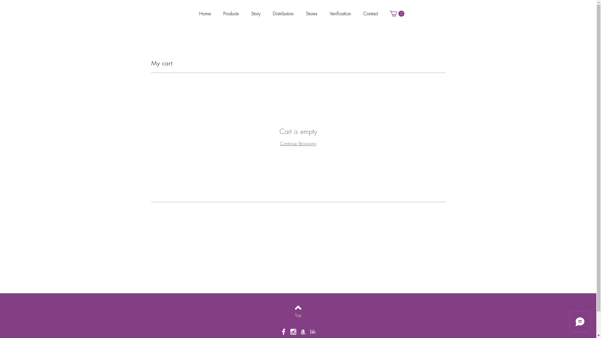 The height and width of the screenshot is (338, 601). I want to click on '0', so click(396, 13).